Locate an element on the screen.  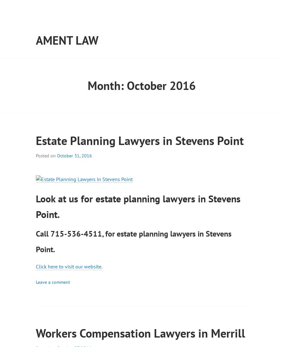
'October 2016' is located at coordinates (126, 85).